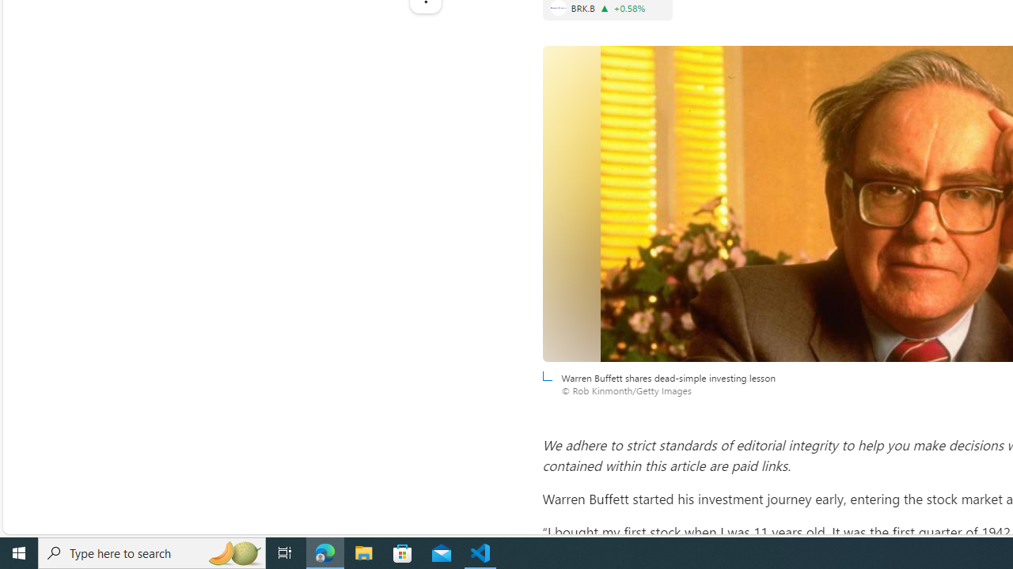  What do you see at coordinates (558, 8) in the screenshot?
I see `'BERKSHIRE HATHAWAY INC.'` at bounding box center [558, 8].